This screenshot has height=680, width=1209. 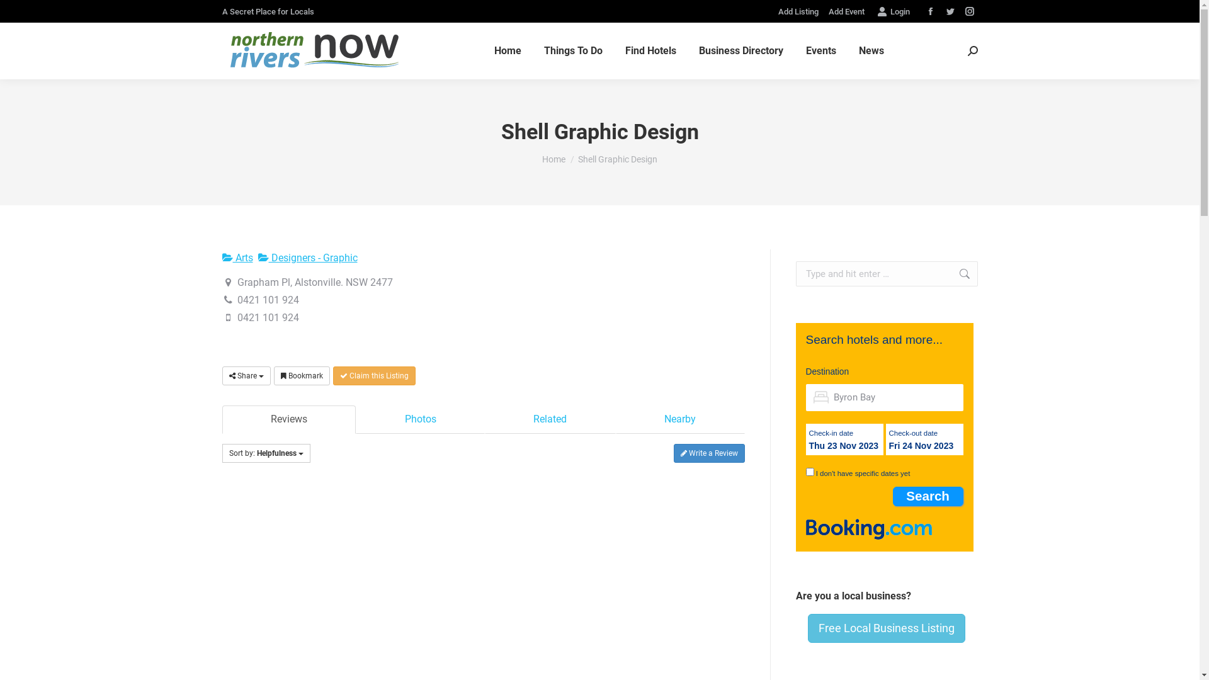 What do you see at coordinates (797, 11) in the screenshot?
I see `'Add Listing'` at bounding box center [797, 11].